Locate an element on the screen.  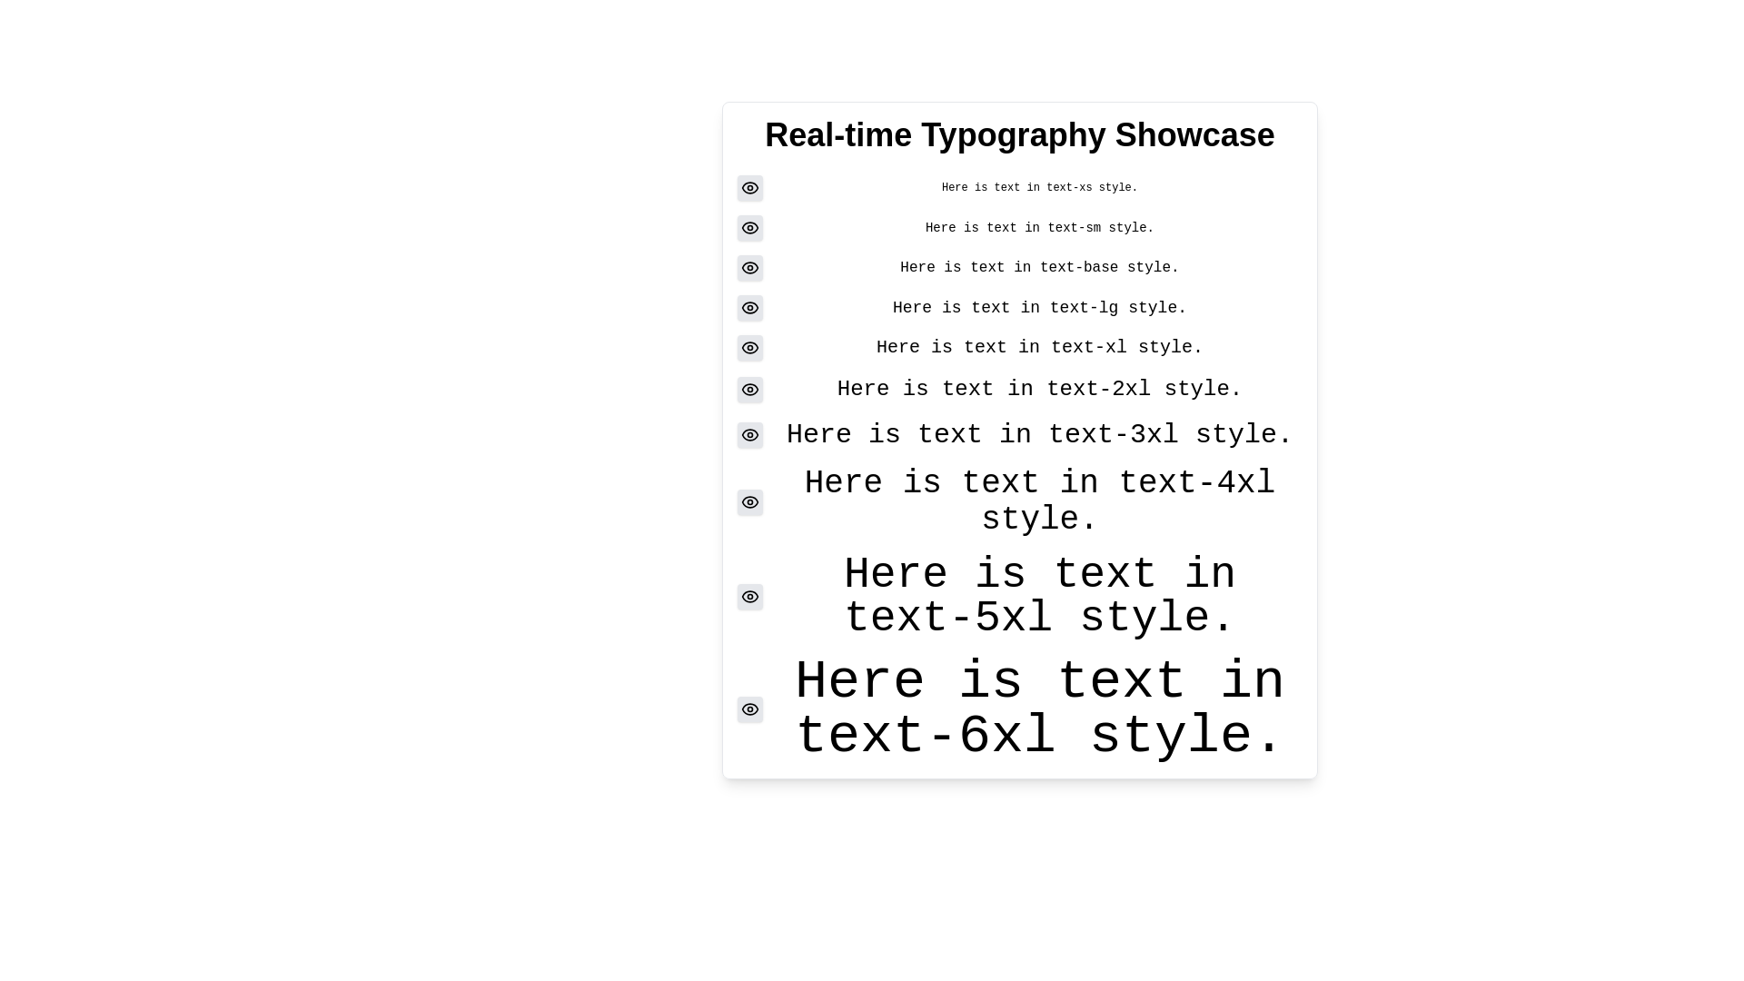
the text label styled with the 'text-xl' class, which is positioned centrally and slightly above the middle in the vertical list of styled text samples is located at coordinates (1040, 347).